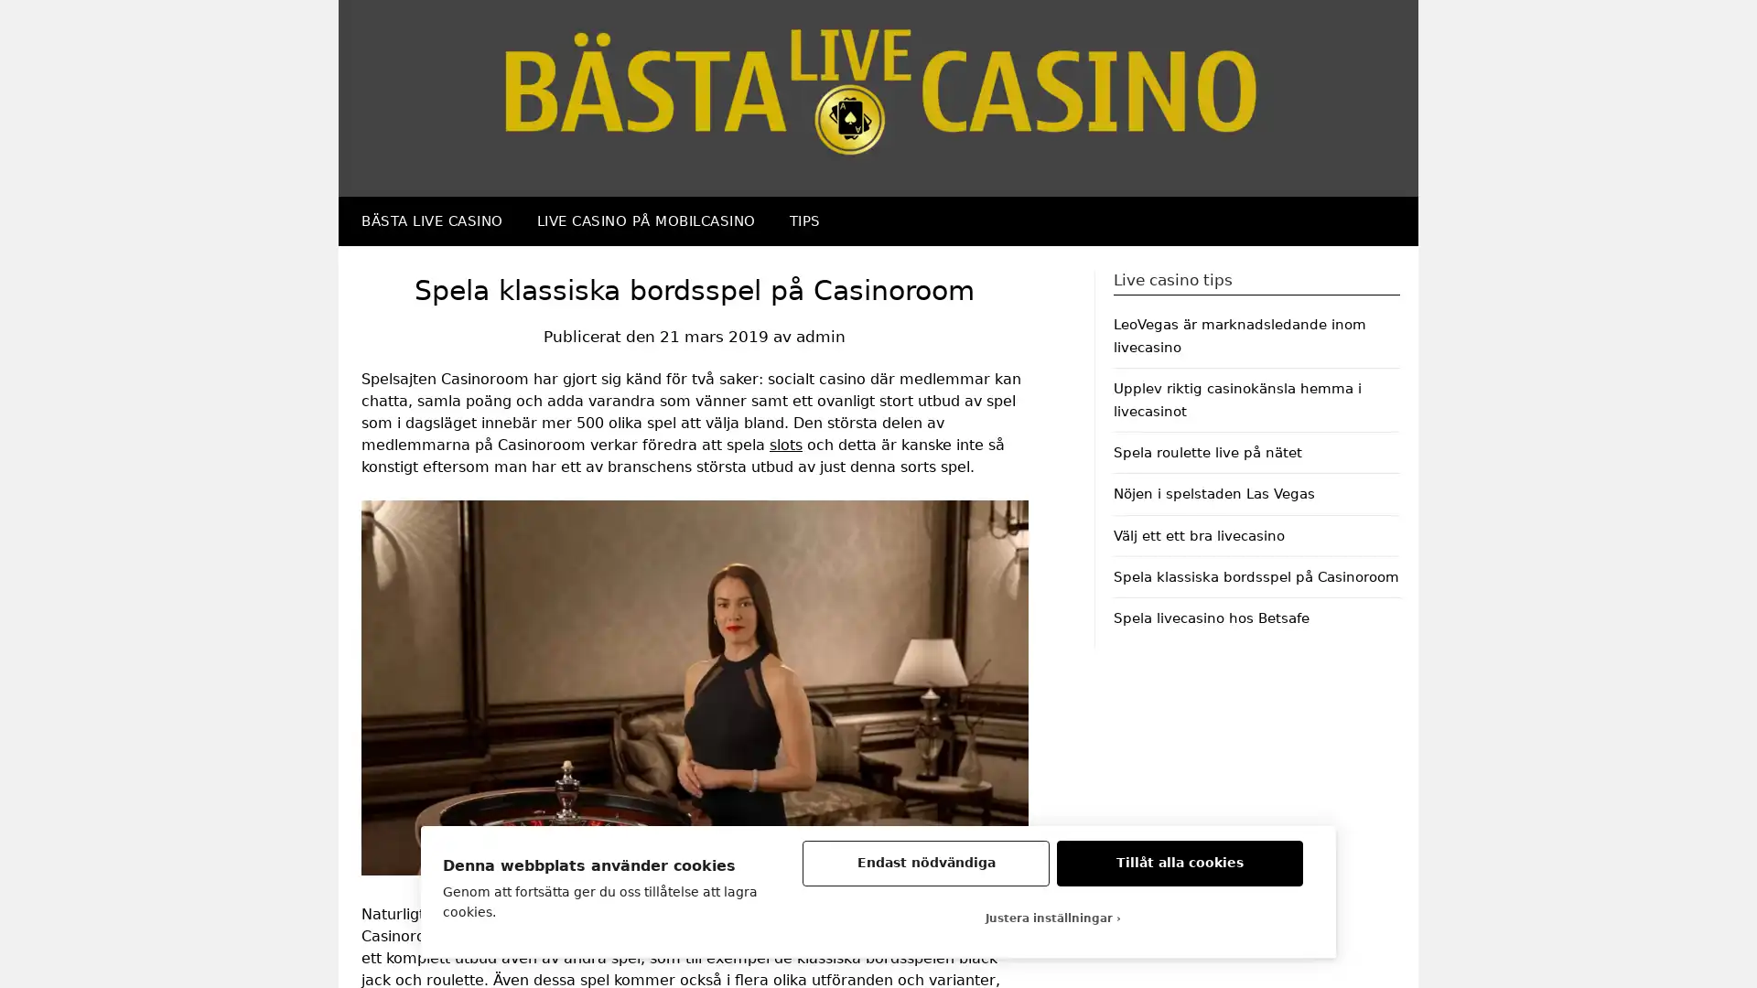 This screenshot has height=988, width=1757. Describe the element at coordinates (1180, 864) in the screenshot. I see `Tillat alla cookies` at that location.